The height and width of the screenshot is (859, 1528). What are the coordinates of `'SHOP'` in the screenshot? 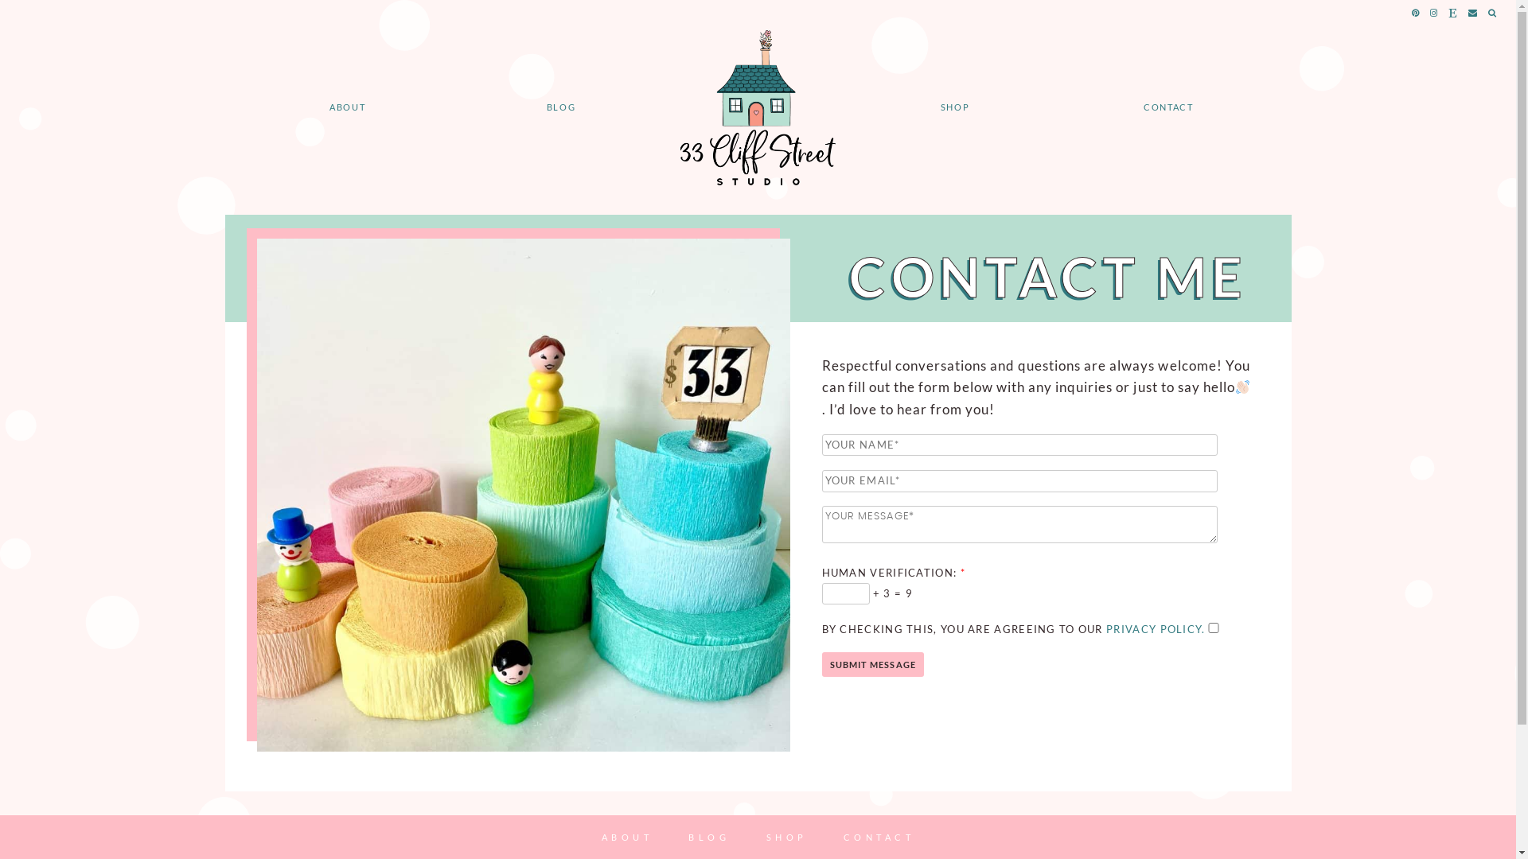 It's located at (786, 836).